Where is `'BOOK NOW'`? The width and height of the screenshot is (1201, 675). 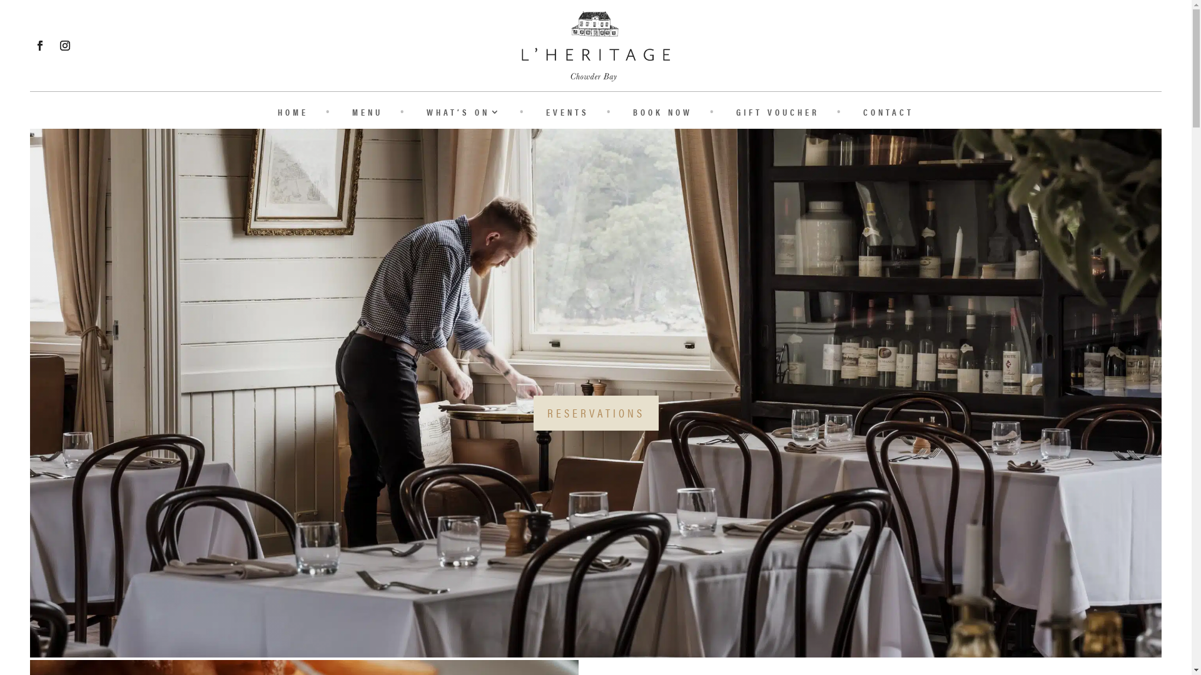 'BOOK NOW' is located at coordinates (633, 114).